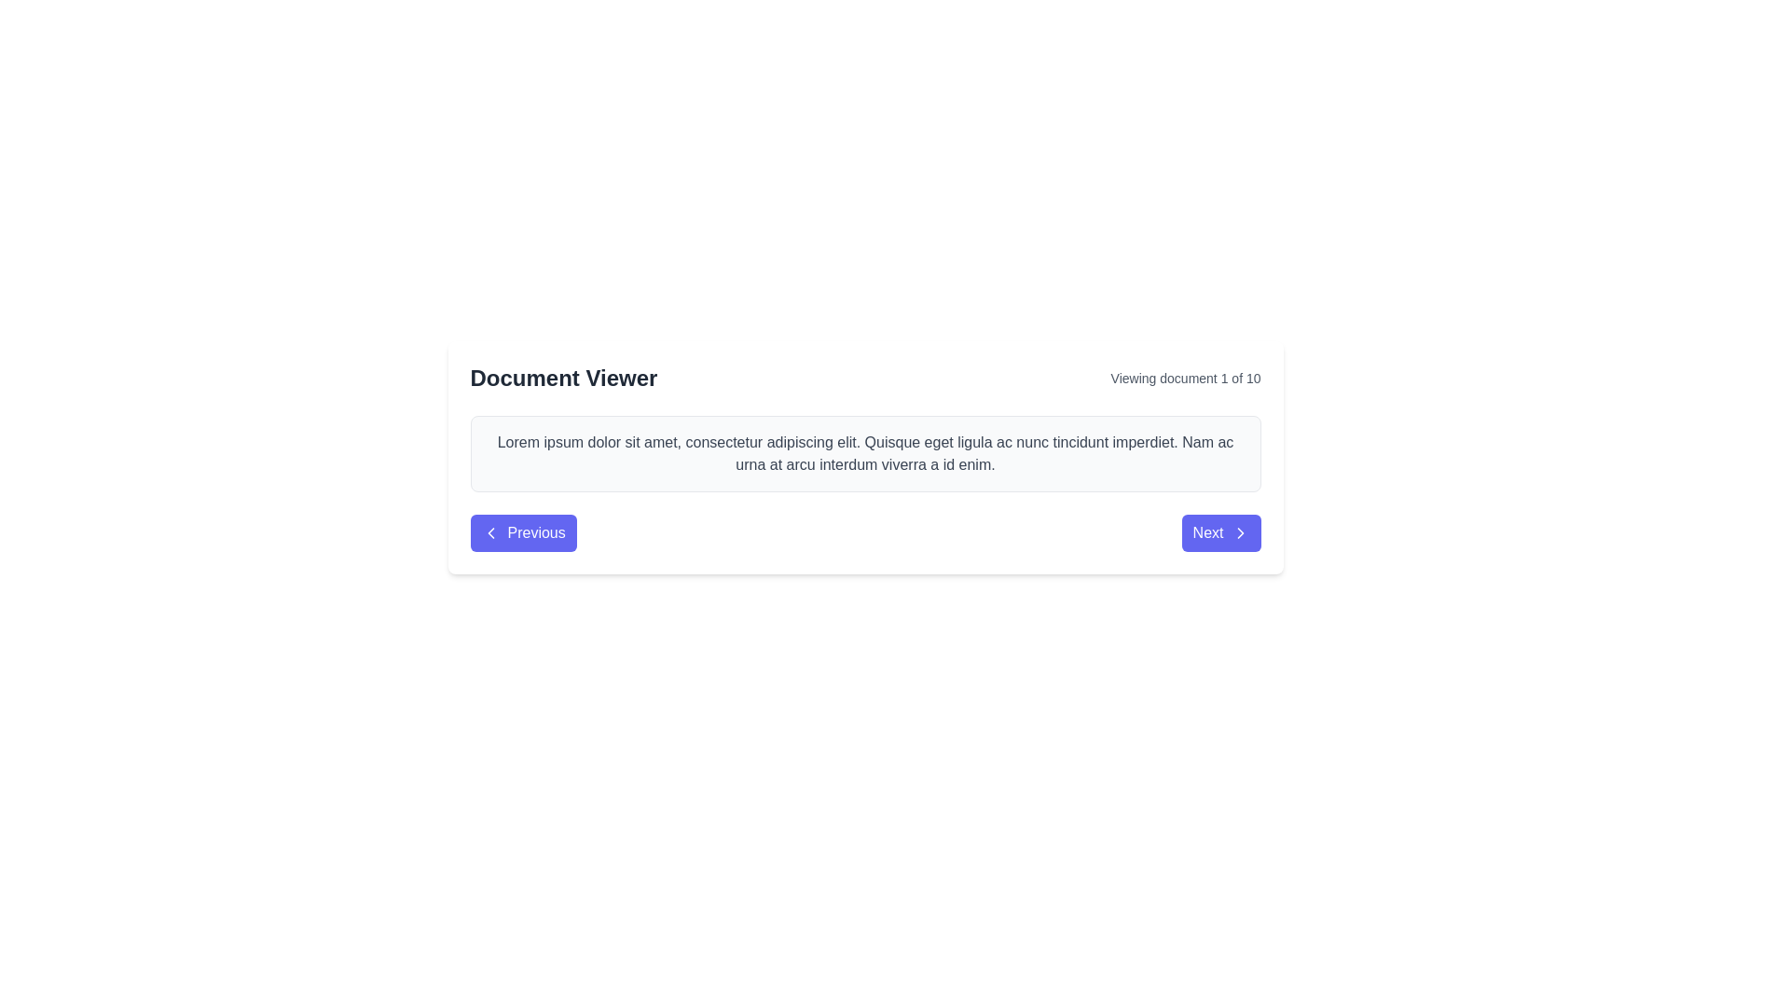  I want to click on the Text Display Area that contains the paragraph styled with a smaller gray font, located within a light gray bordered section, so click(864, 453).